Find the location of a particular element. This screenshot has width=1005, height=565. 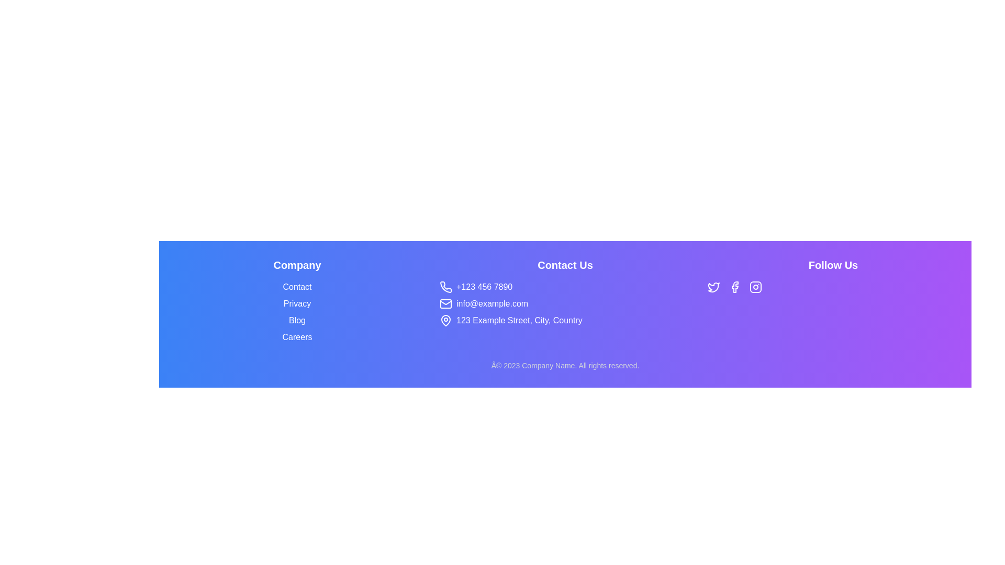

the map pin icon located in the footer section under the 'Contact Us' heading, positioned to the left of the address '123 Example Street, City, Country' is located at coordinates (445, 320).